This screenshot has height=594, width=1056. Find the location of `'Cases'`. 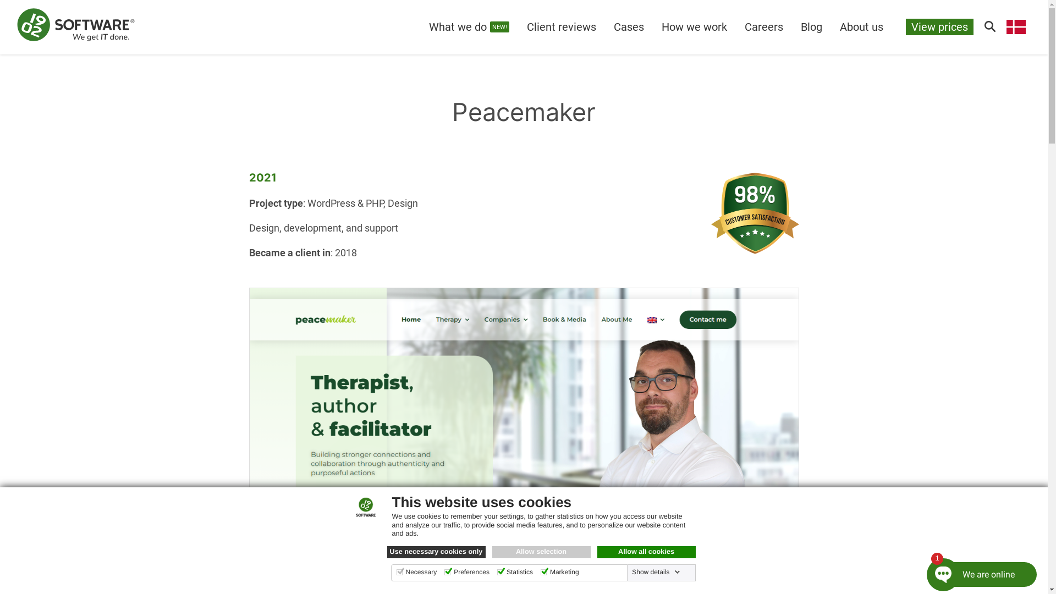

'Cases' is located at coordinates (629, 26).